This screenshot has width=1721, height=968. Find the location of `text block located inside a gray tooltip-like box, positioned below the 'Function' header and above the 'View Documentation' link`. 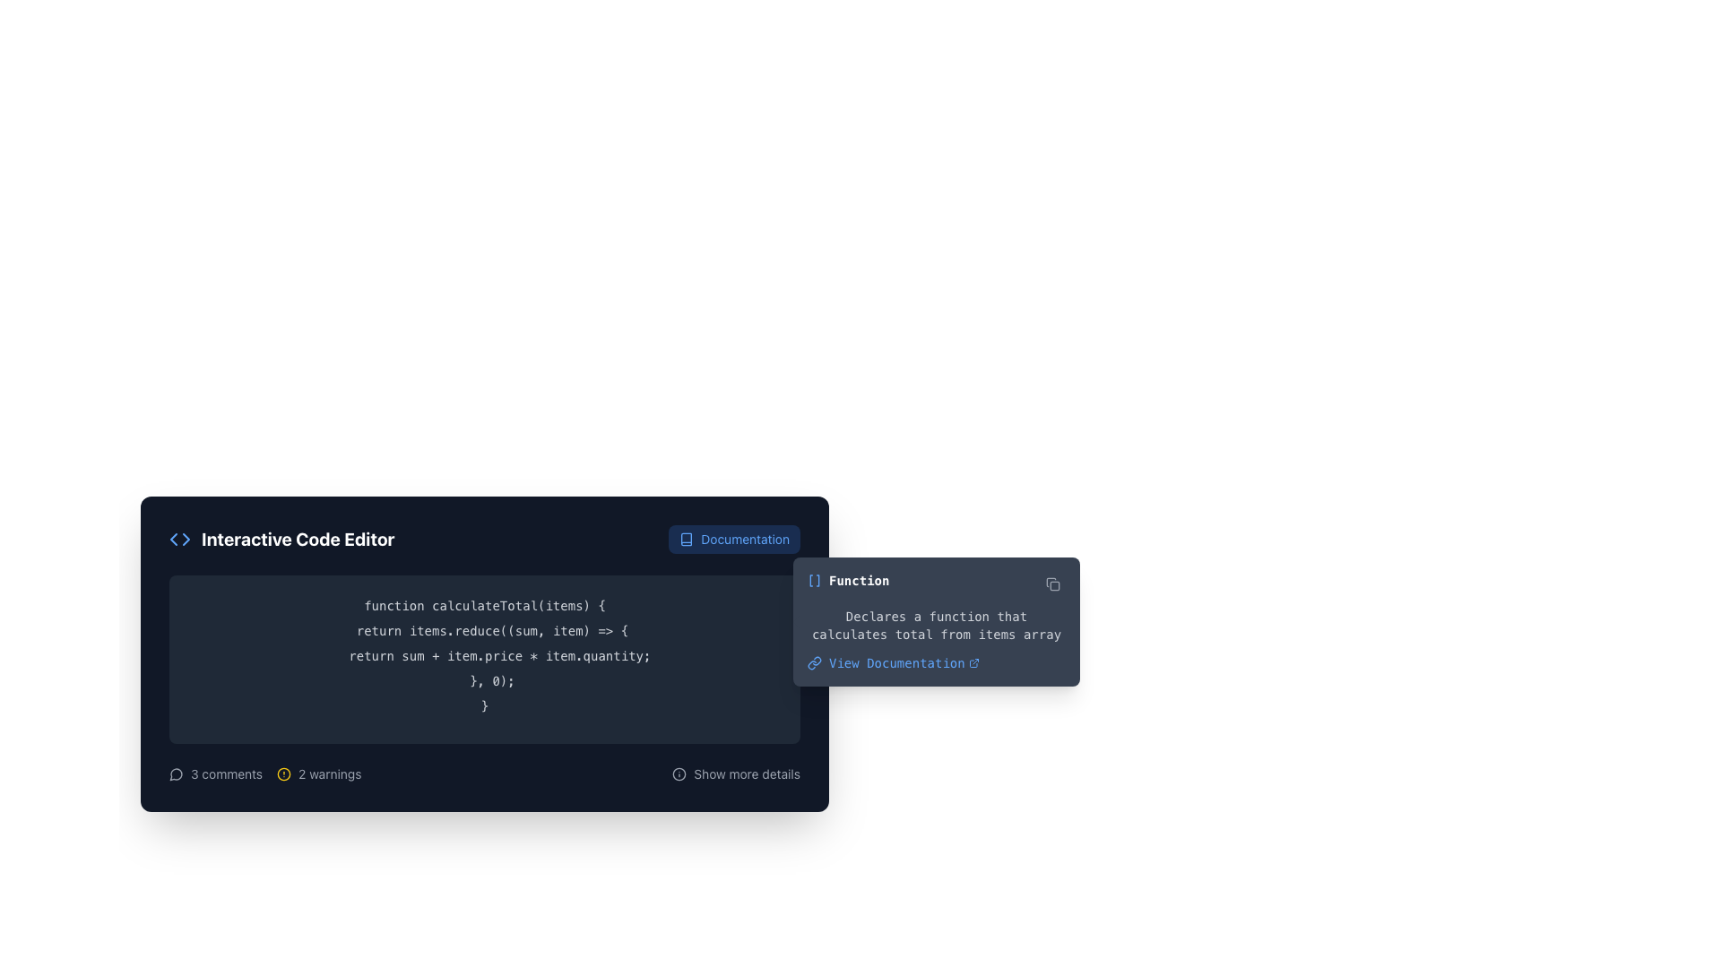

text block located inside a gray tooltip-like box, positioned below the 'Function' header and above the 'View Documentation' link is located at coordinates (936, 625).